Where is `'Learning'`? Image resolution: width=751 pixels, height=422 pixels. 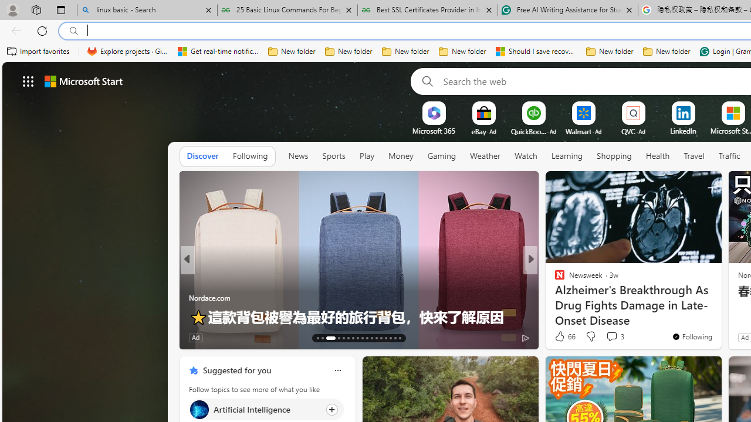
'Learning' is located at coordinates (567, 155).